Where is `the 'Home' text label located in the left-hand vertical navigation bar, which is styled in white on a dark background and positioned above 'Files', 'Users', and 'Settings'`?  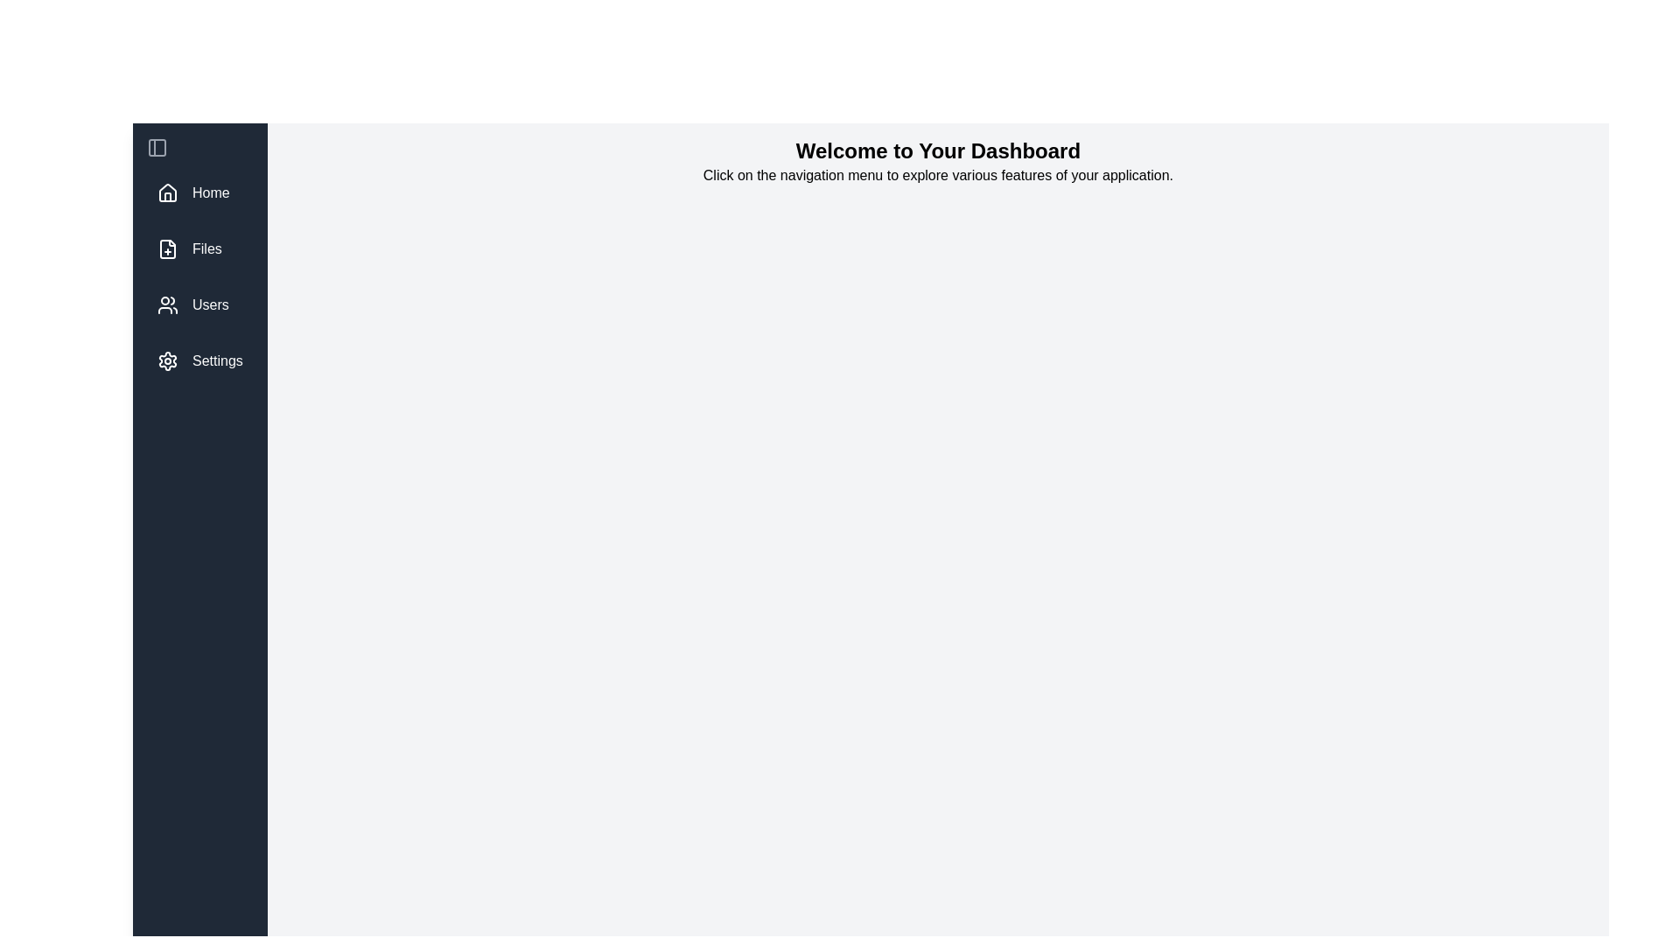
the 'Home' text label located in the left-hand vertical navigation bar, which is styled in white on a dark background and positioned above 'Files', 'Users', and 'Settings' is located at coordinates (210, 192).